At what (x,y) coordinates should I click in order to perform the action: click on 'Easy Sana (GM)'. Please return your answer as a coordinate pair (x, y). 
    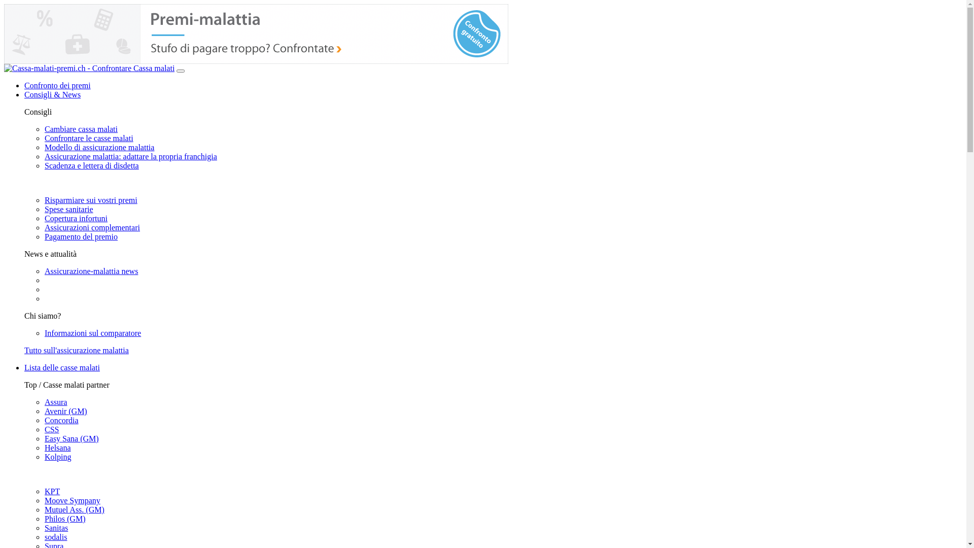
    Looking at the image, I should click on (71, 438).